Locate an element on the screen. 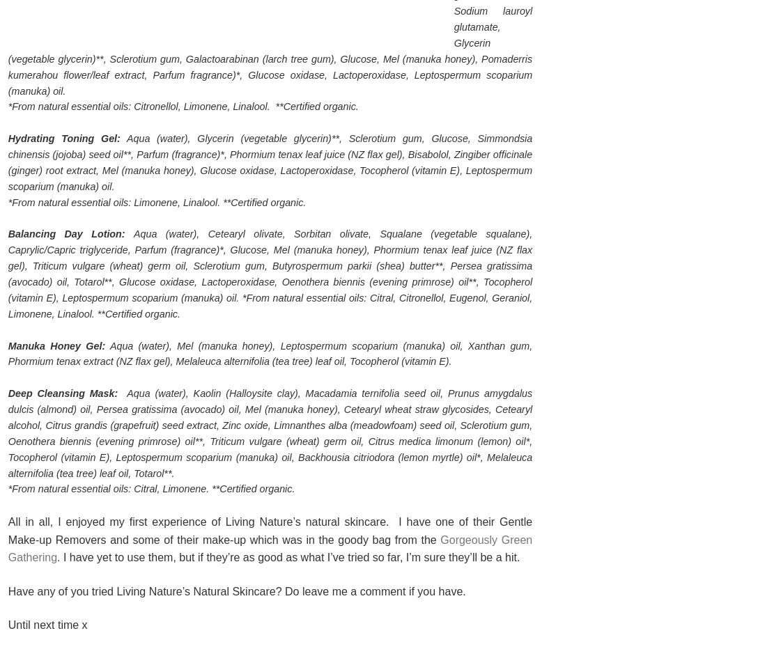 The width and height of the screenshot is (758, 656). 'Manuka Honey Gel:' is located at coordinates (56, 345).